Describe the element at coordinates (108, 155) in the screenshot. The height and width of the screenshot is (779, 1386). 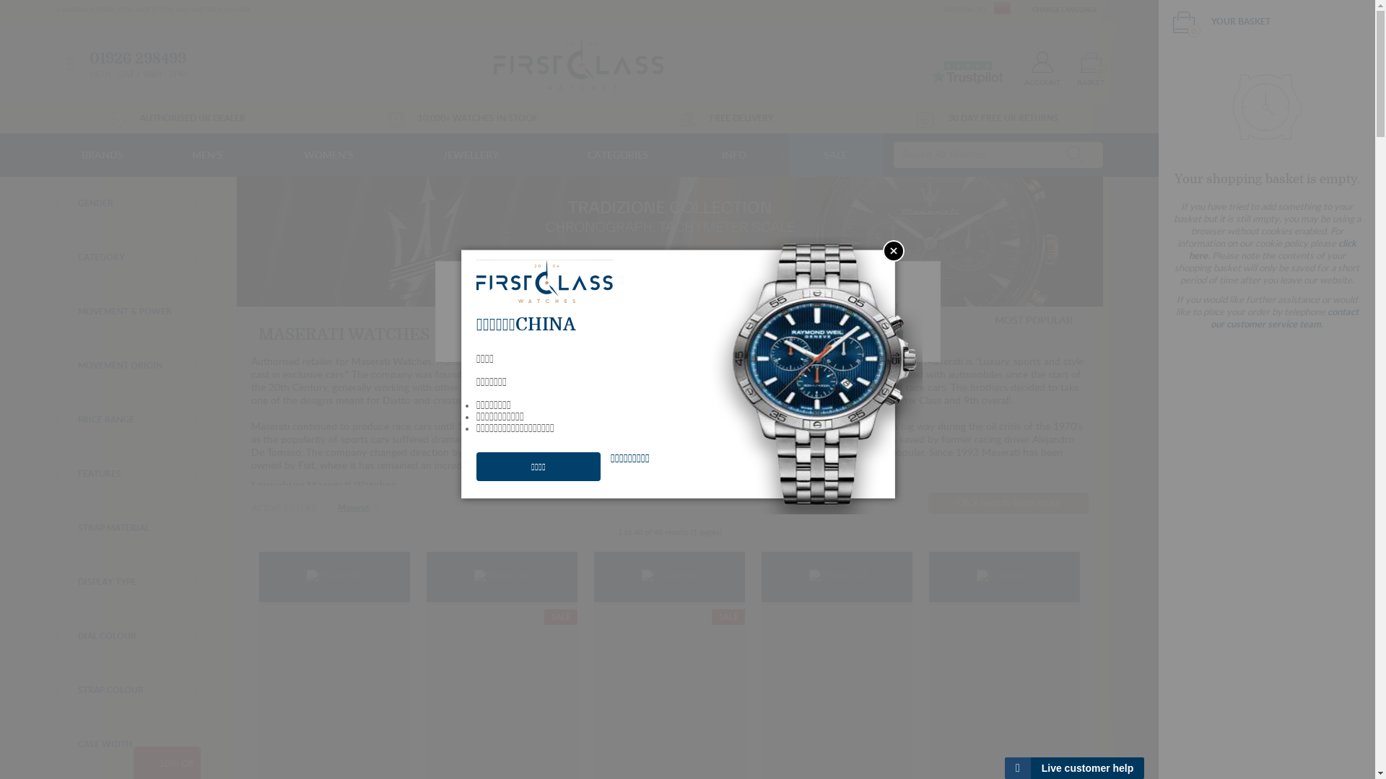
I see `'BRANDS'` at that location.